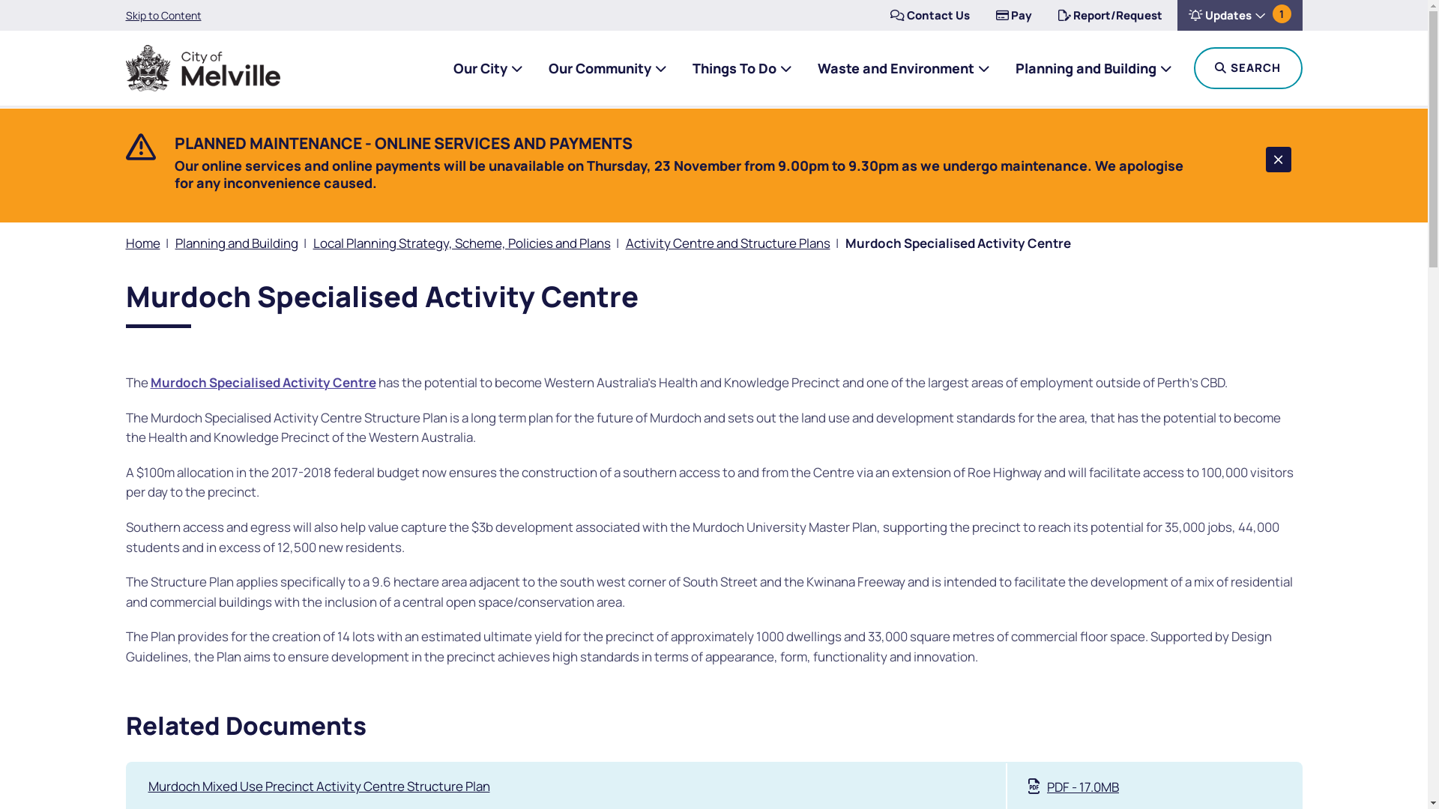 This screenshot has width=1439, height=809. Describe the element at coordinates (741, 68) in the screenshot. I see `'Things To Do'` at that location.